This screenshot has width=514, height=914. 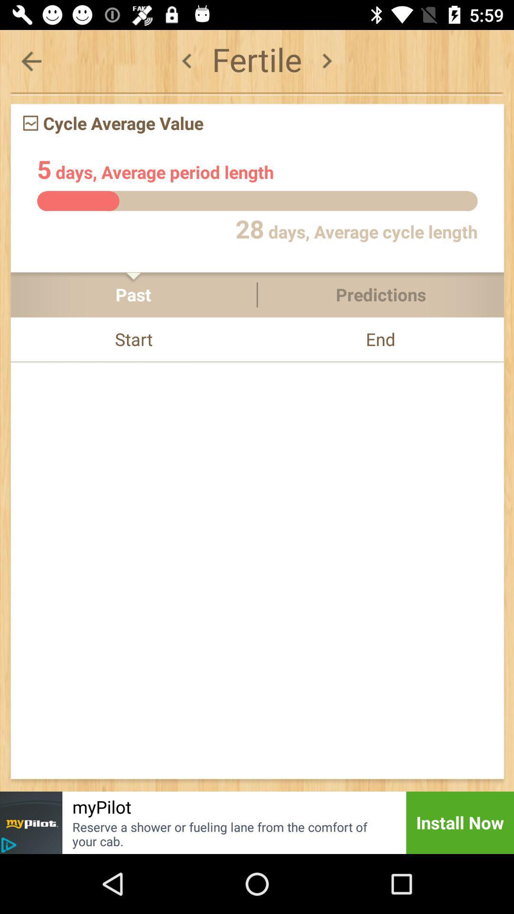 What do you see at coordinates (30, 60) in the screenshot?
I see `the arrow_backward icon` at bounding box center [30, 60].